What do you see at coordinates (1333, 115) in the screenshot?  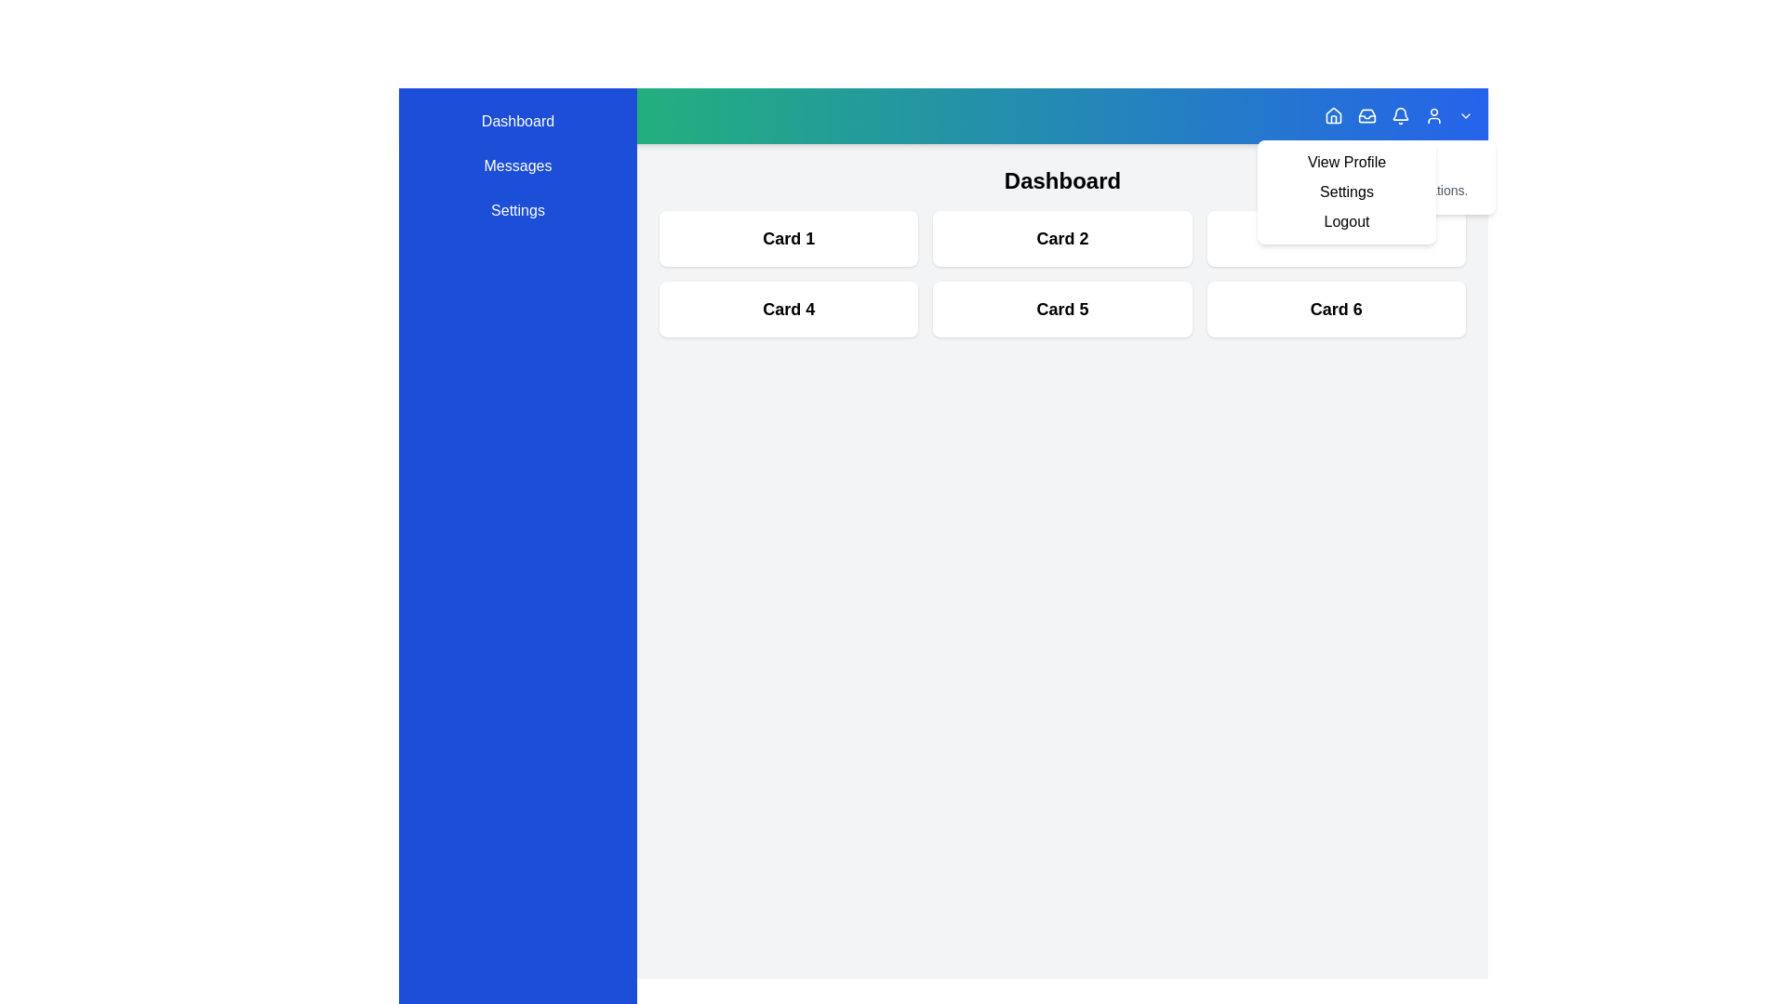 I see `the homepage navigation button icon located on the right side of the blue menu bar at the top of the interface` at bounding box center [1333, 115].